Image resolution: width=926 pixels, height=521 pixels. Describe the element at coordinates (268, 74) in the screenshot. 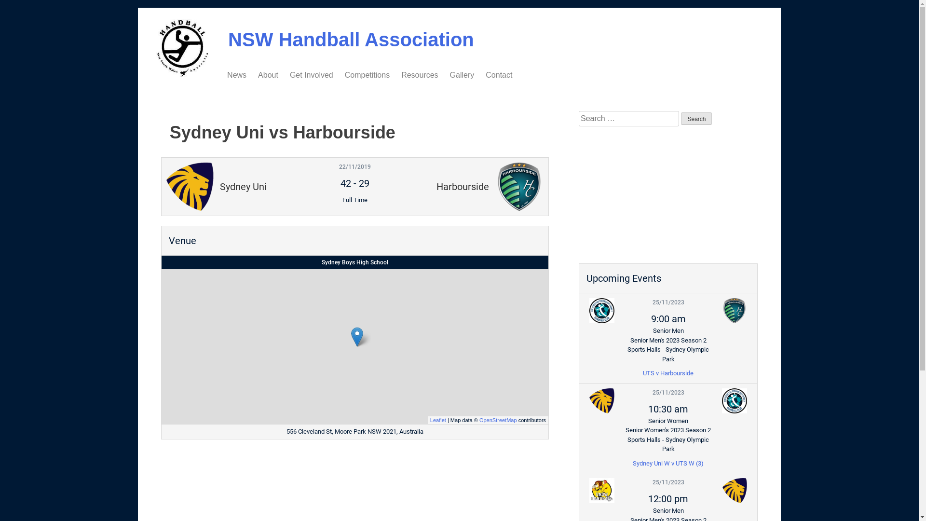

I see `'About'` at that location.